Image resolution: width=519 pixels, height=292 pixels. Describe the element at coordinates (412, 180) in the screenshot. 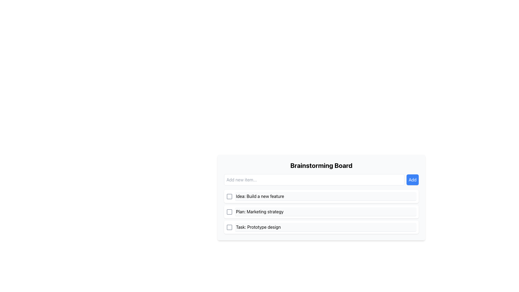

I see `the blue 'Add' button with white text, located to the right of a text input field in the 'Brainstorming Board' interface` at that location.